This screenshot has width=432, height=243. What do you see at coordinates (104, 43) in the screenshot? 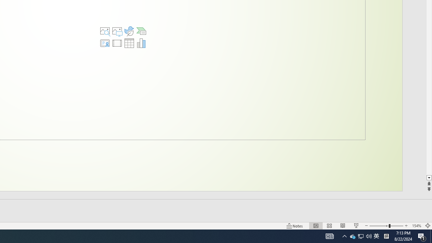
I see `'Insert Cameo'` at bounding box center [104, 43].